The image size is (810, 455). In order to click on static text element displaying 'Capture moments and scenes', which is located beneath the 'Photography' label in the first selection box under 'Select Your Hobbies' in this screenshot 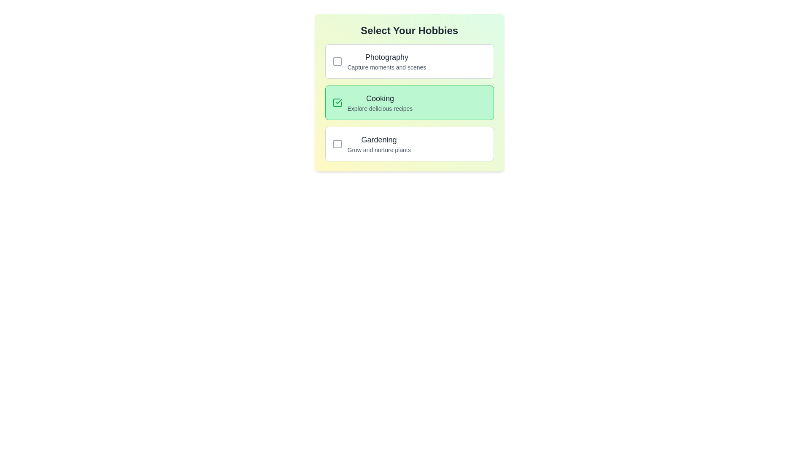, I will do `click(386, 67)`.